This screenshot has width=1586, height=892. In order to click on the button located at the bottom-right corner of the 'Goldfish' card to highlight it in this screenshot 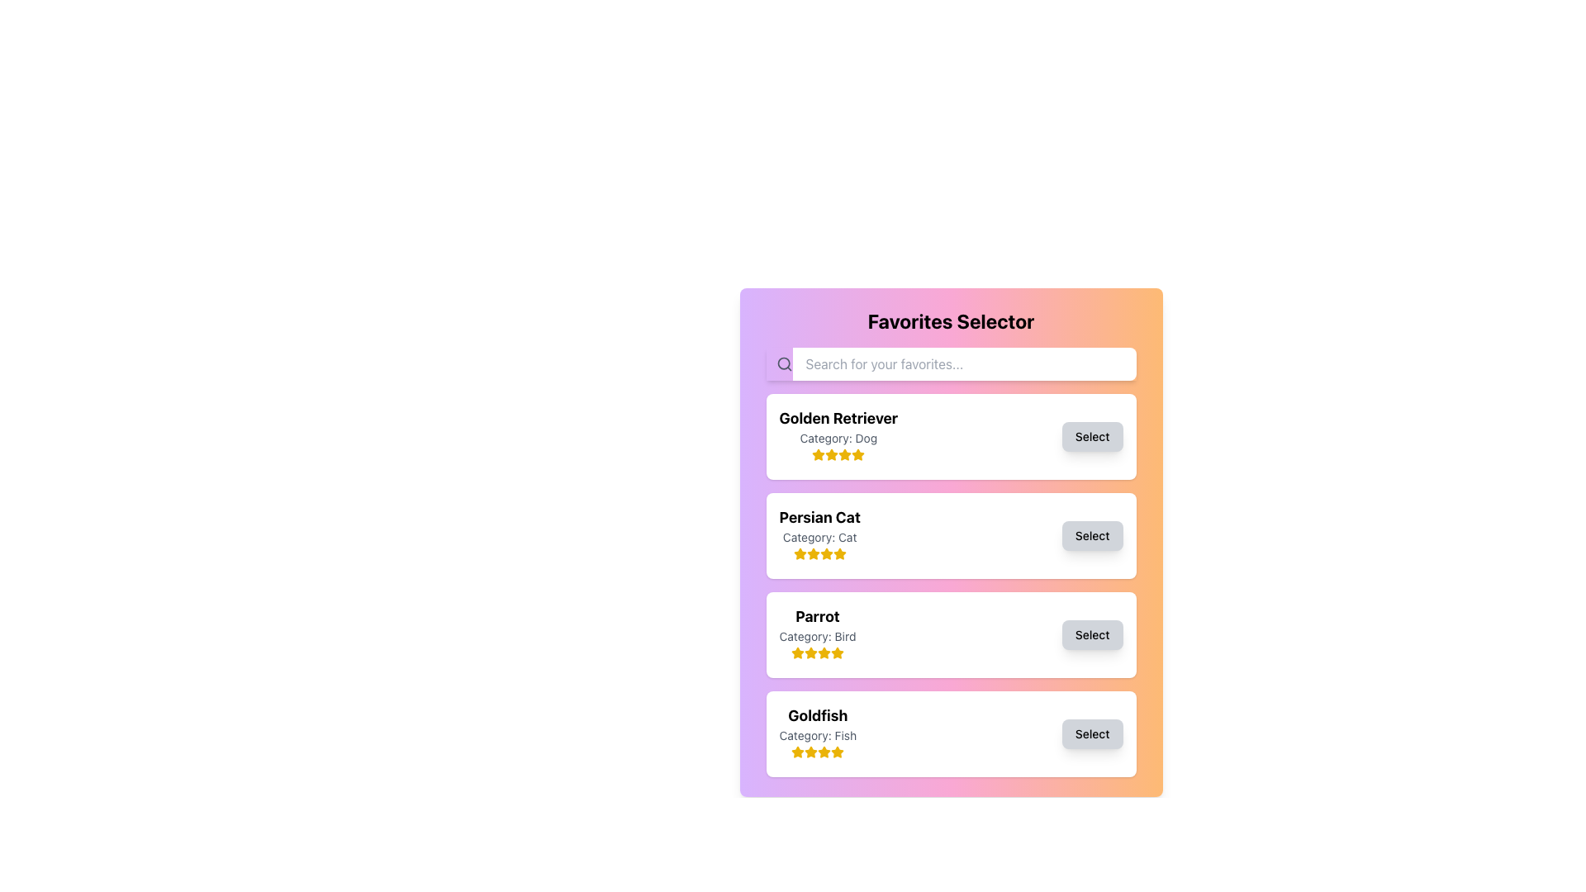, I will do `click(1092, 733)`.